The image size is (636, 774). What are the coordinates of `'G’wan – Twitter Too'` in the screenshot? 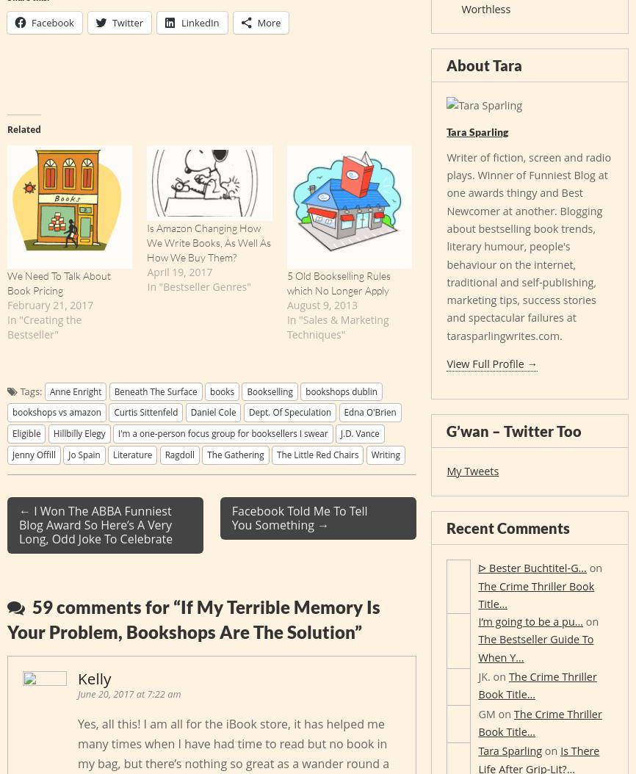 It's located at (513, 430).